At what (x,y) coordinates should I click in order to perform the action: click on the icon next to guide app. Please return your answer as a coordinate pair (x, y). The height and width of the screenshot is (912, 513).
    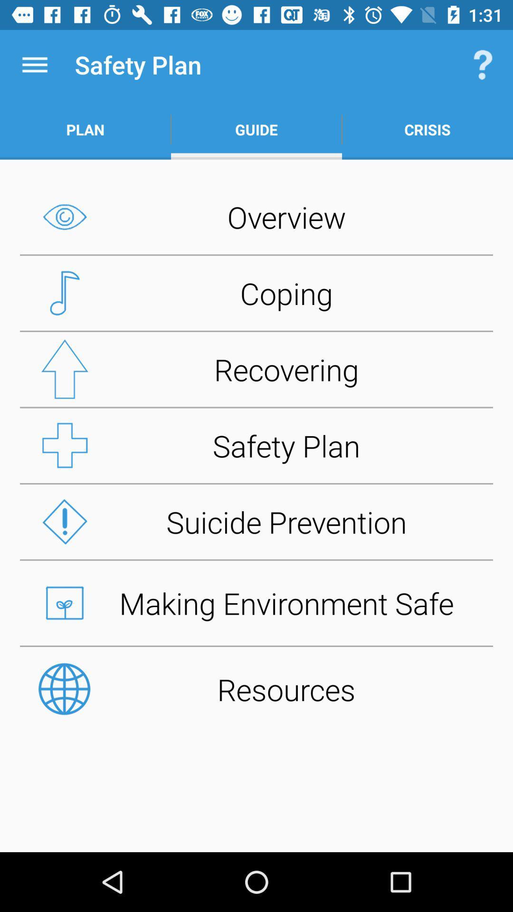
    Looking at the image, I should click on (427, 129).